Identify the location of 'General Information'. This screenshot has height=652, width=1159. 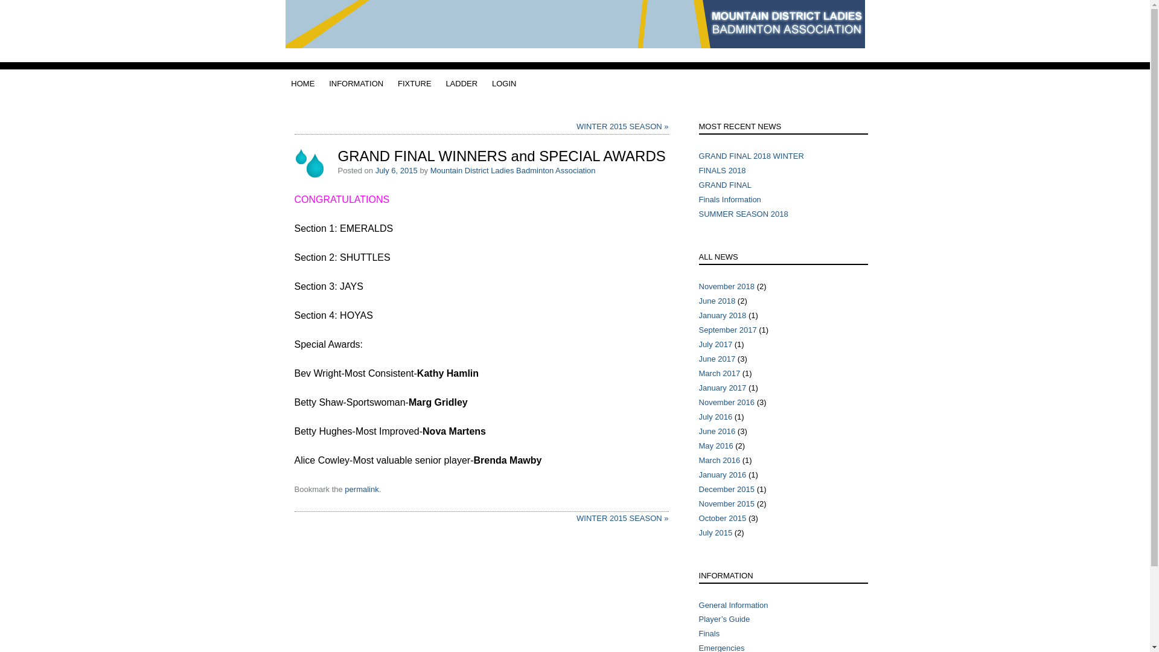
(733, 604).